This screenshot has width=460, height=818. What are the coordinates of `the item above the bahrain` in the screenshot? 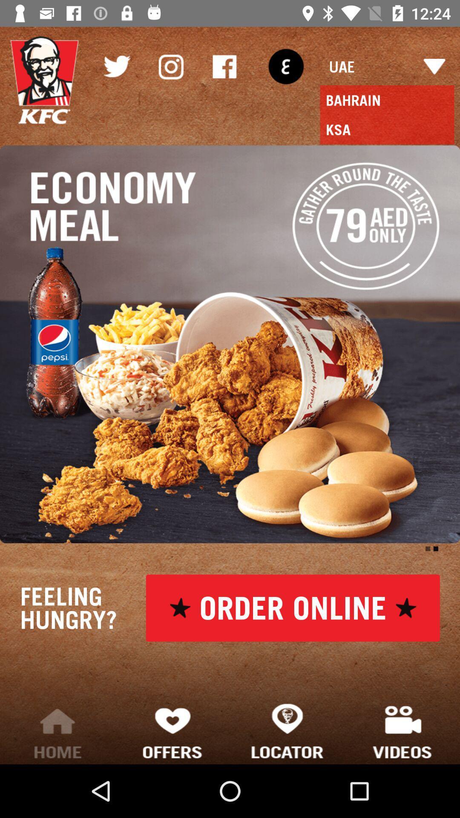 It's located at (387, 66).